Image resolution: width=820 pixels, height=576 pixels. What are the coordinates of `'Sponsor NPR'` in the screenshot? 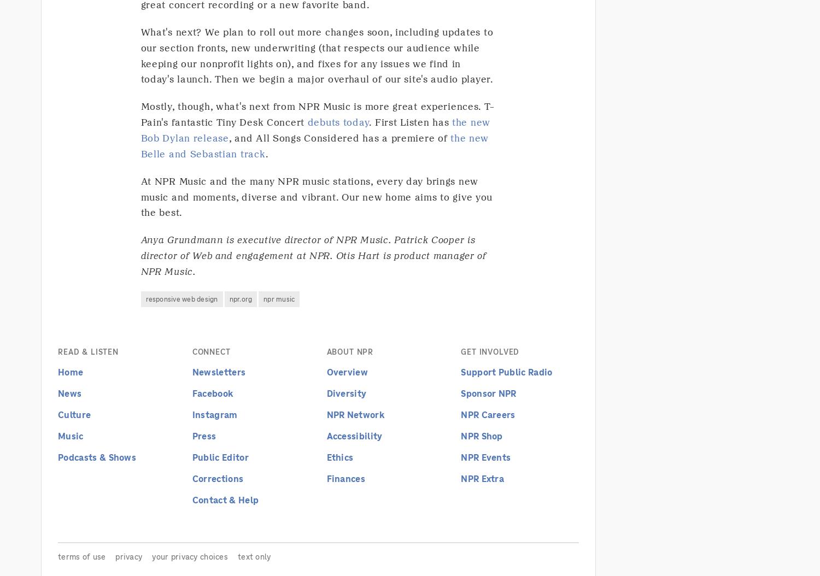 It's located at (488, 392).